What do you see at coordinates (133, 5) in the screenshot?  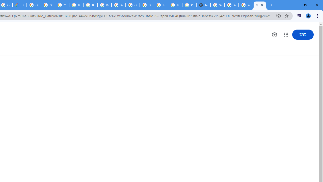 I see `'Google Cloud Platform'` at bounding box center [133, 5].